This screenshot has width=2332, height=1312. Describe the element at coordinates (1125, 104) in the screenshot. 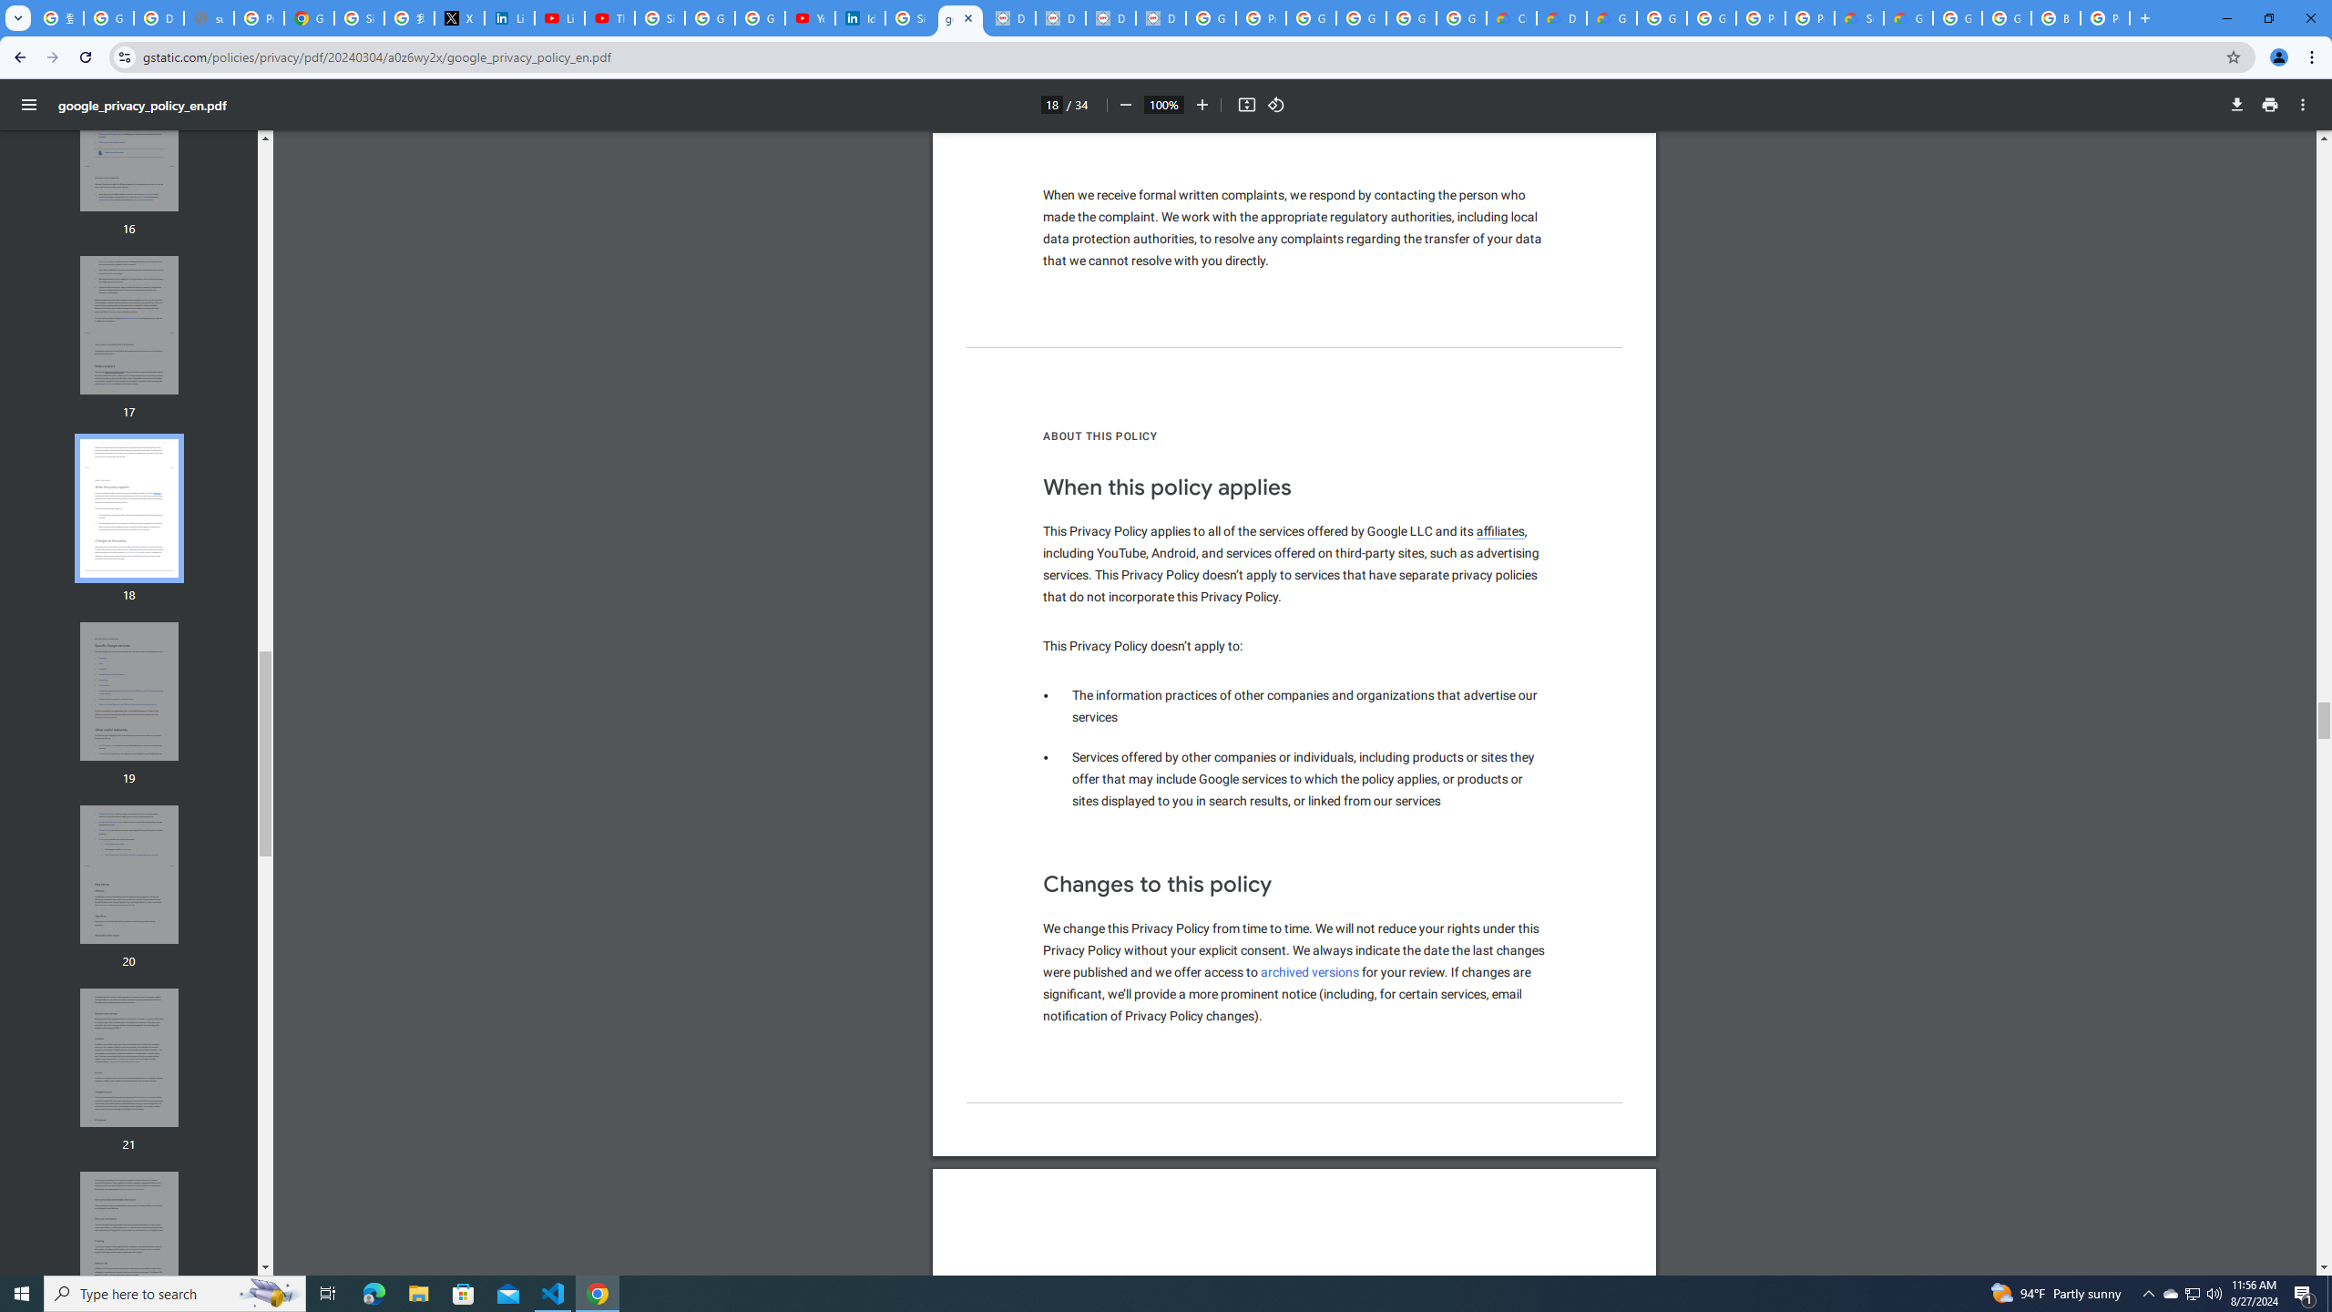

I see `'Zoom out'` at that location.